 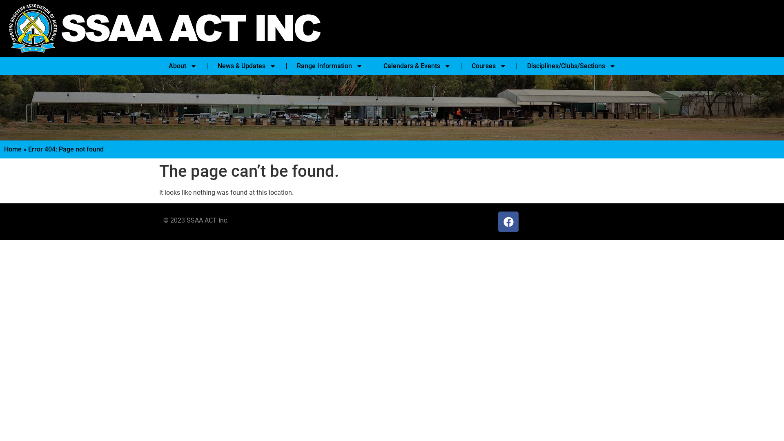 What do you see at coordinates (4, 149) in the screenshot?
I see `'Home'` at bounding box center [4, 149].